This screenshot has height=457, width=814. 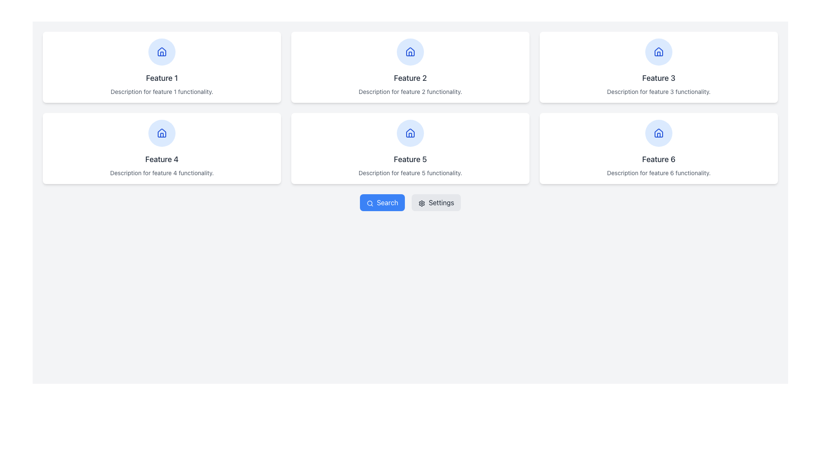 I want to click on the door element of the house icon in the bottom-left grid cell of Feature 4, which is represented as a non-interactive SVG component, so click(x=162, y=135).